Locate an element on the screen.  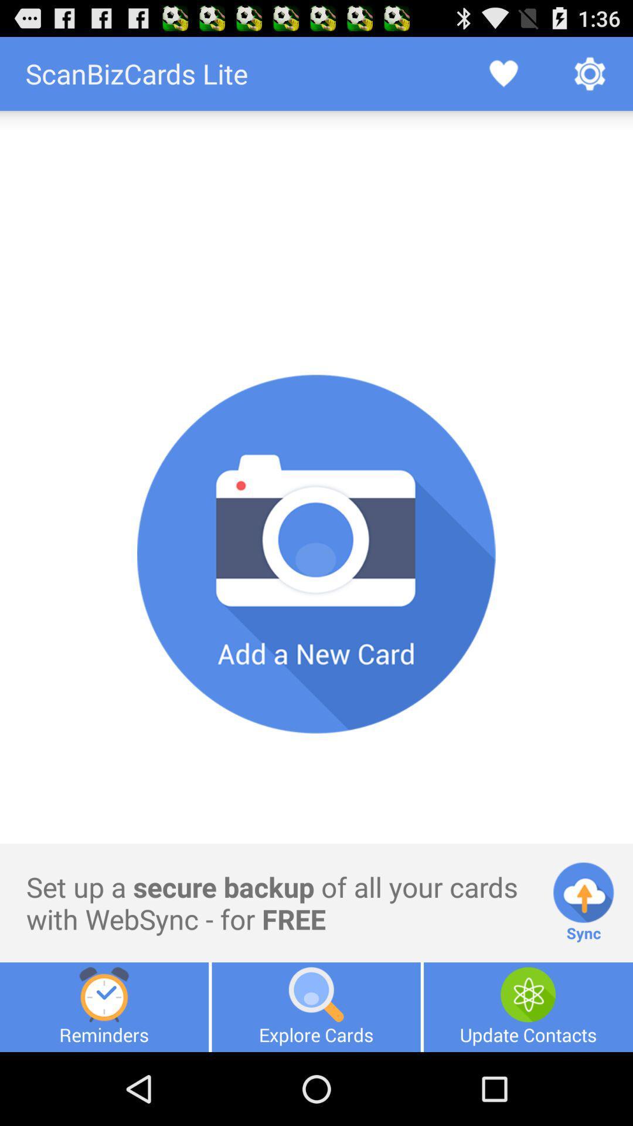
the button to the right of reminders icon is located at coordinates (315, 1006).